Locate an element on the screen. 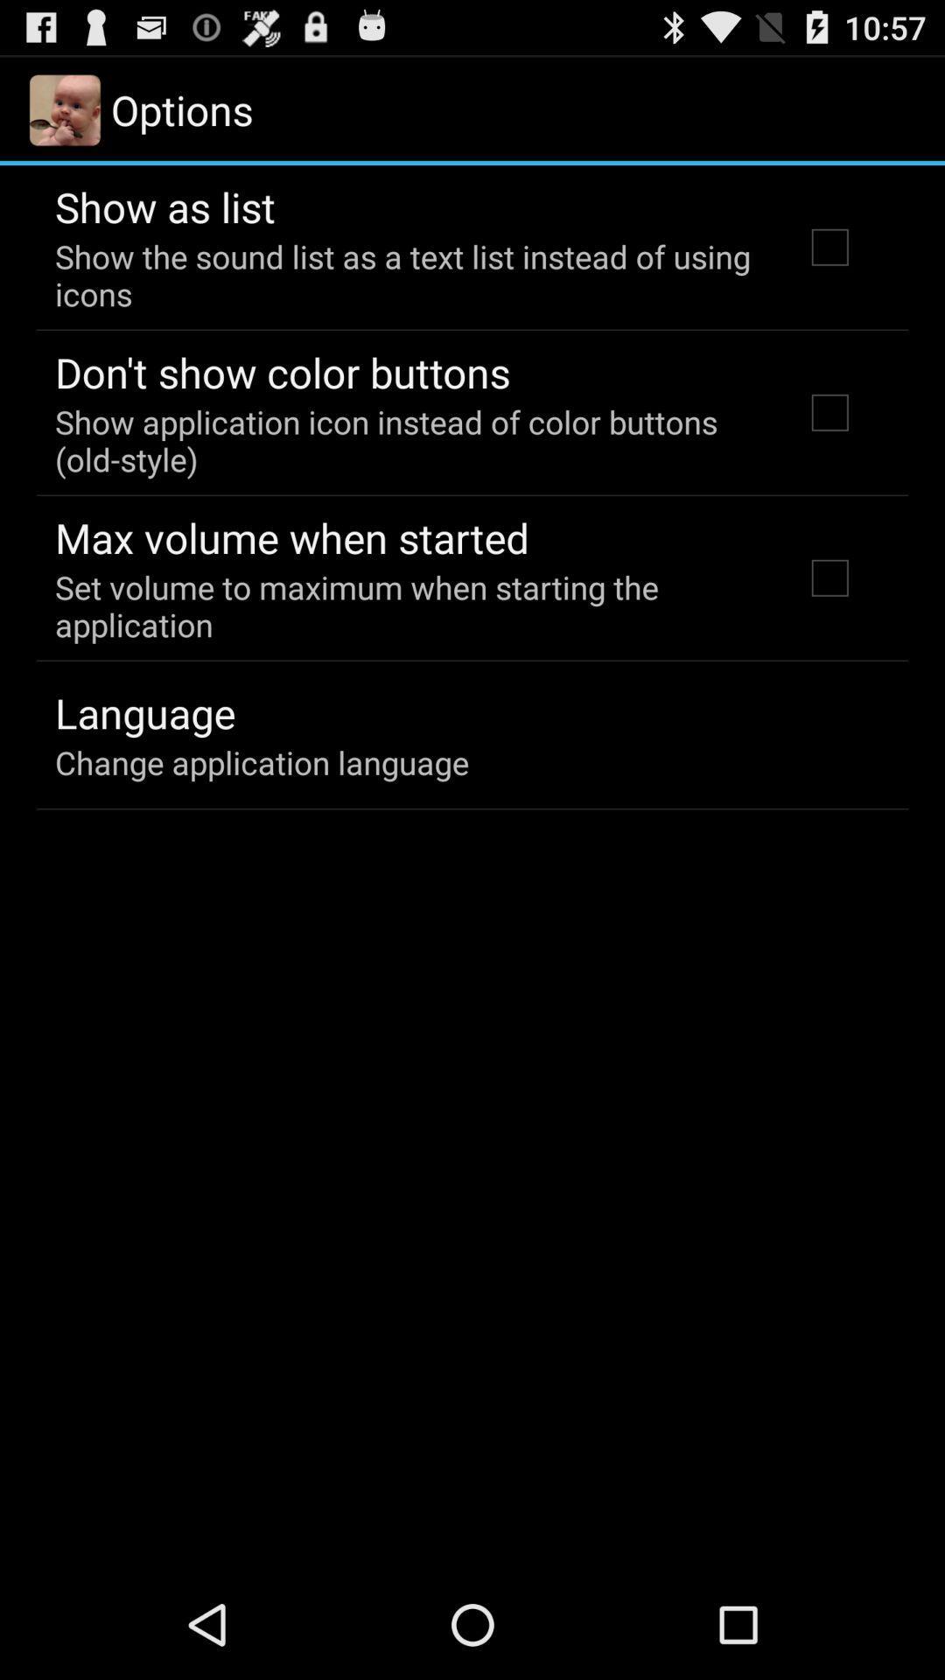  icon above max volume when item is located at coordinates (405, 440).